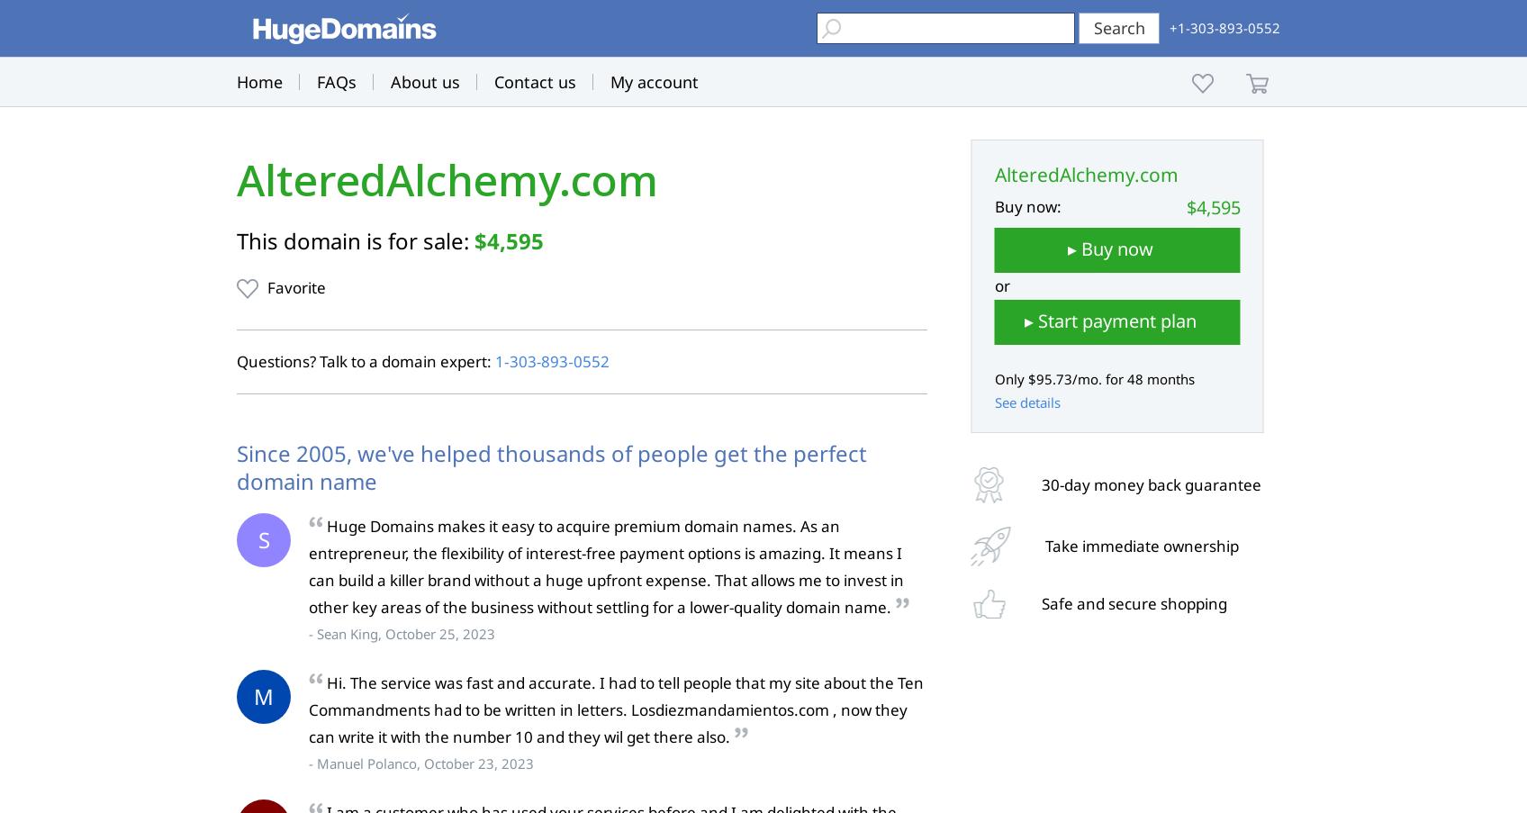  What do you see at coordinates (1117, 26) in the screenshot?
I see `'Search'` at bounding box center [1117, 26].